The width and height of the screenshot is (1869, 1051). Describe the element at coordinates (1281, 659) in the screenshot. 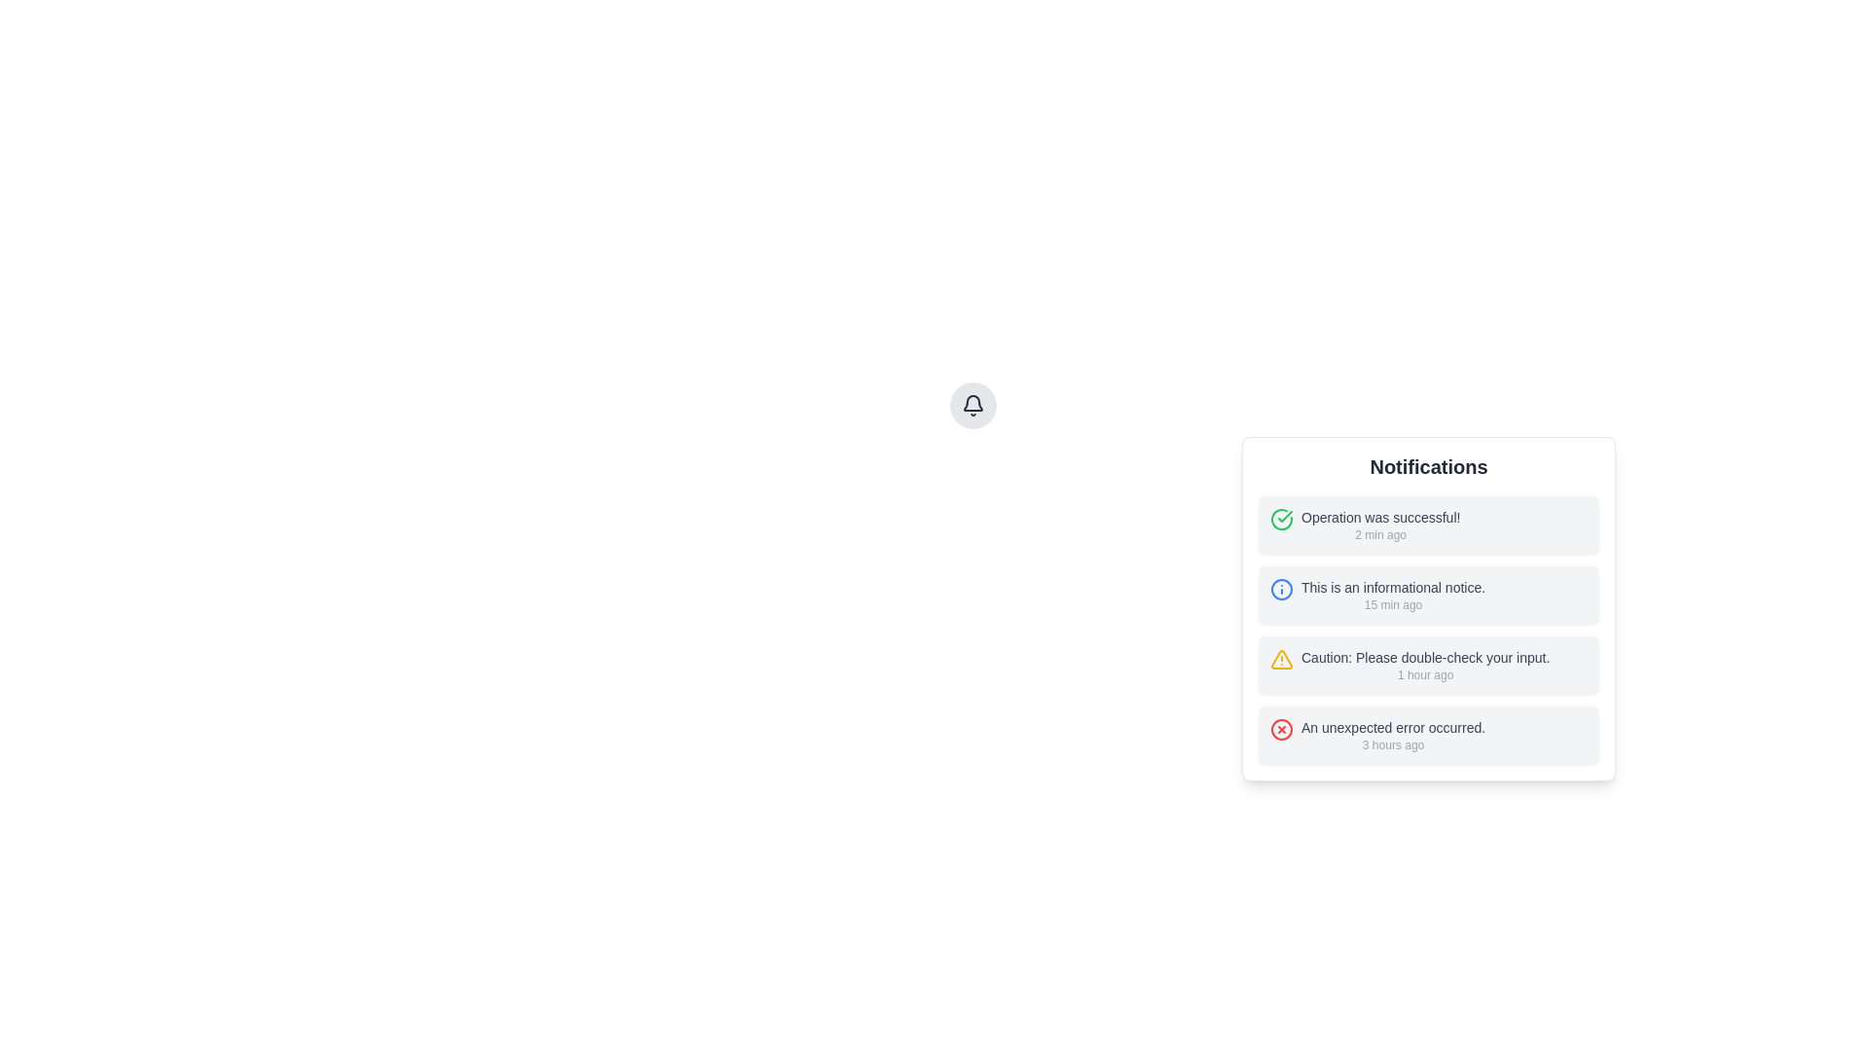

I see `the triangular warning icon with a yellow border located in the notifications panel beside the warning message 'Caution: Please double-check your input.'` at that location.